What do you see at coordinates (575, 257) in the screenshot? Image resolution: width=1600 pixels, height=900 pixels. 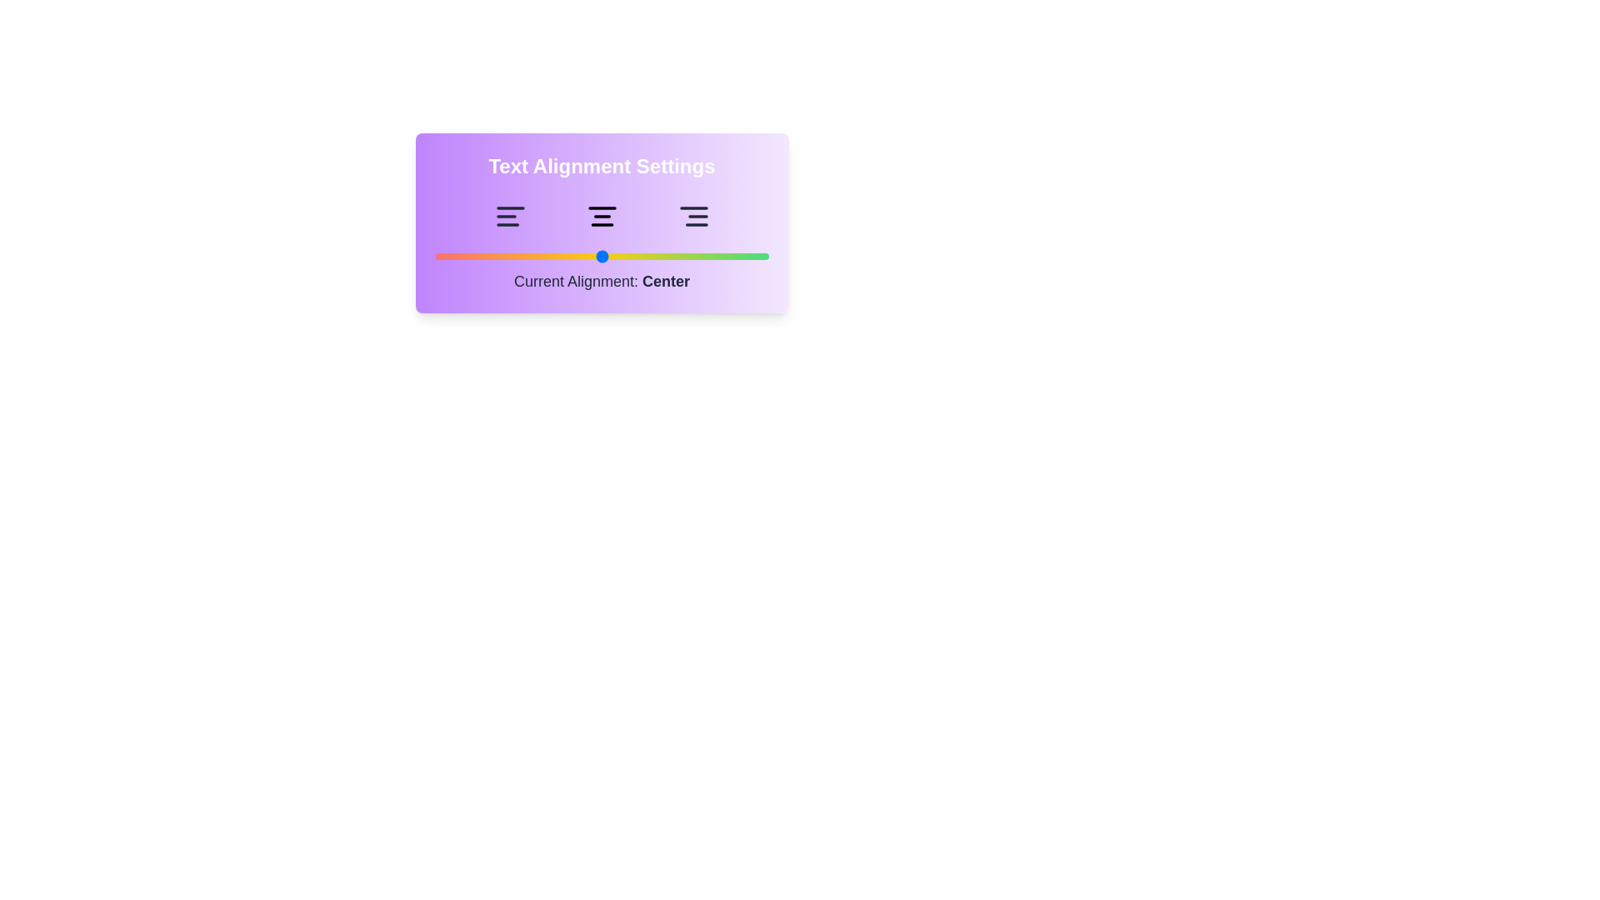 I see `the alignment slider to 42 and observe the text indicator update` at bounding box center [575, 257].